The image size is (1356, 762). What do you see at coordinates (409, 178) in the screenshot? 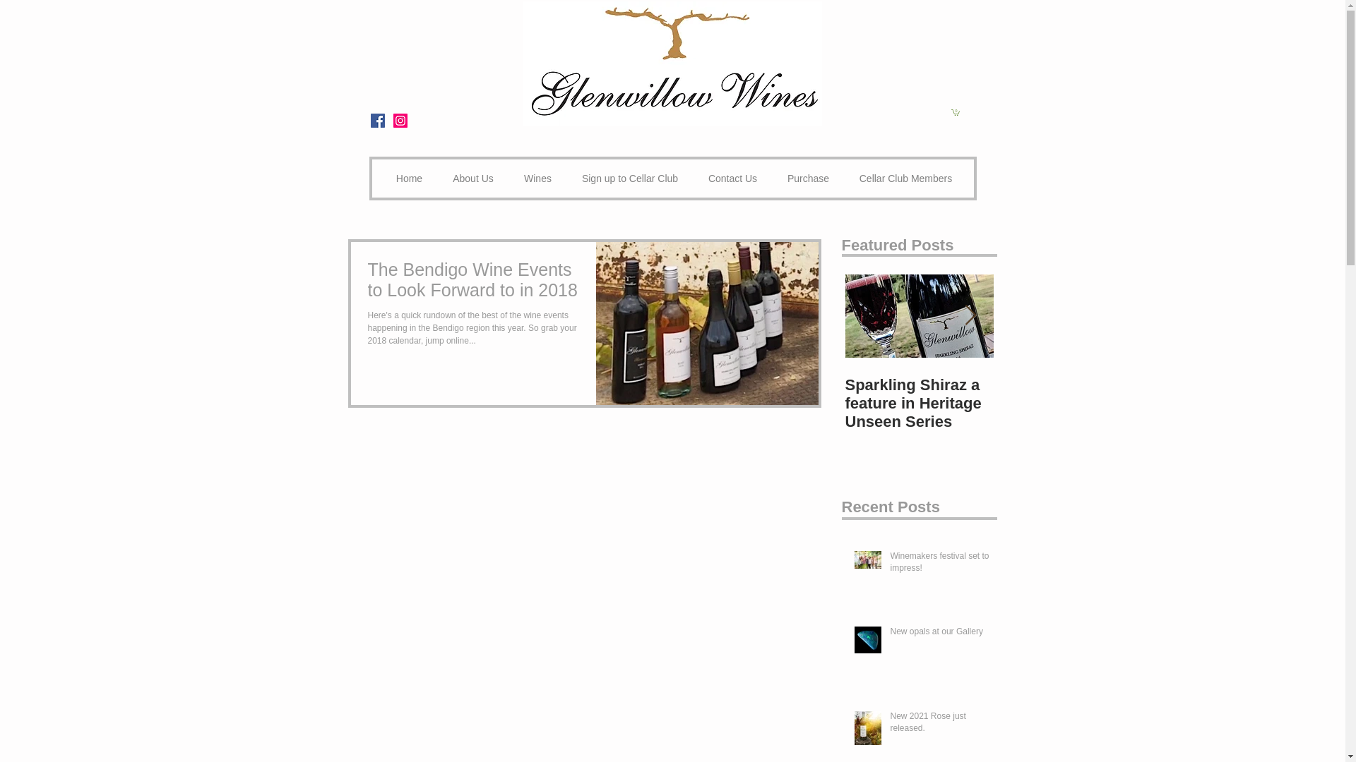
I see `'Home'` at bounding box center [409, 178].